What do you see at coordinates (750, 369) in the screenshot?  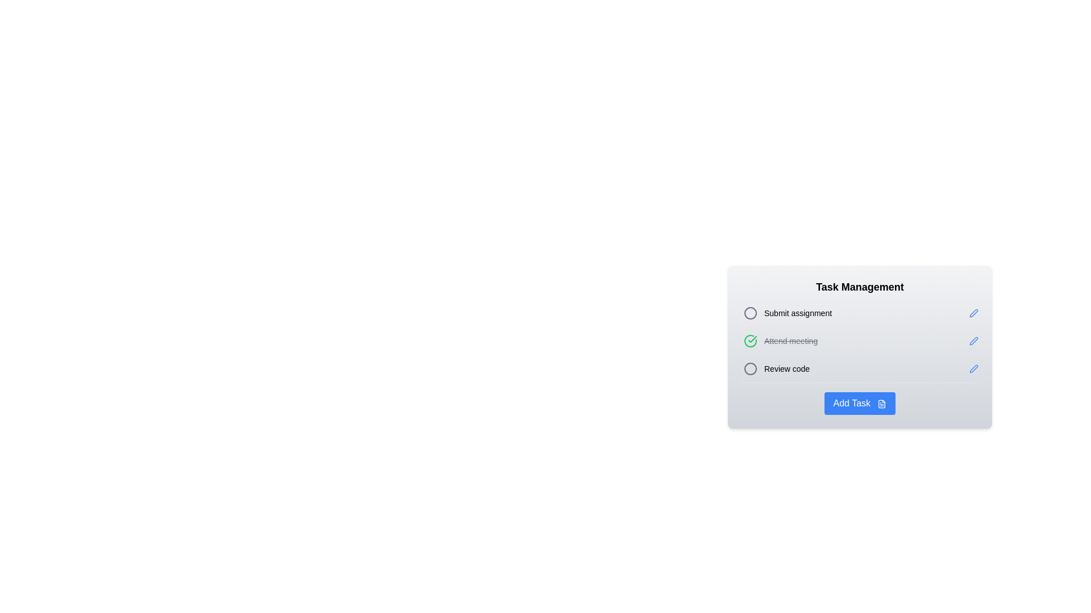 I see `the circular SVG icon with a gray border located in the 'Review code' row` at bounding box center [750, 369].